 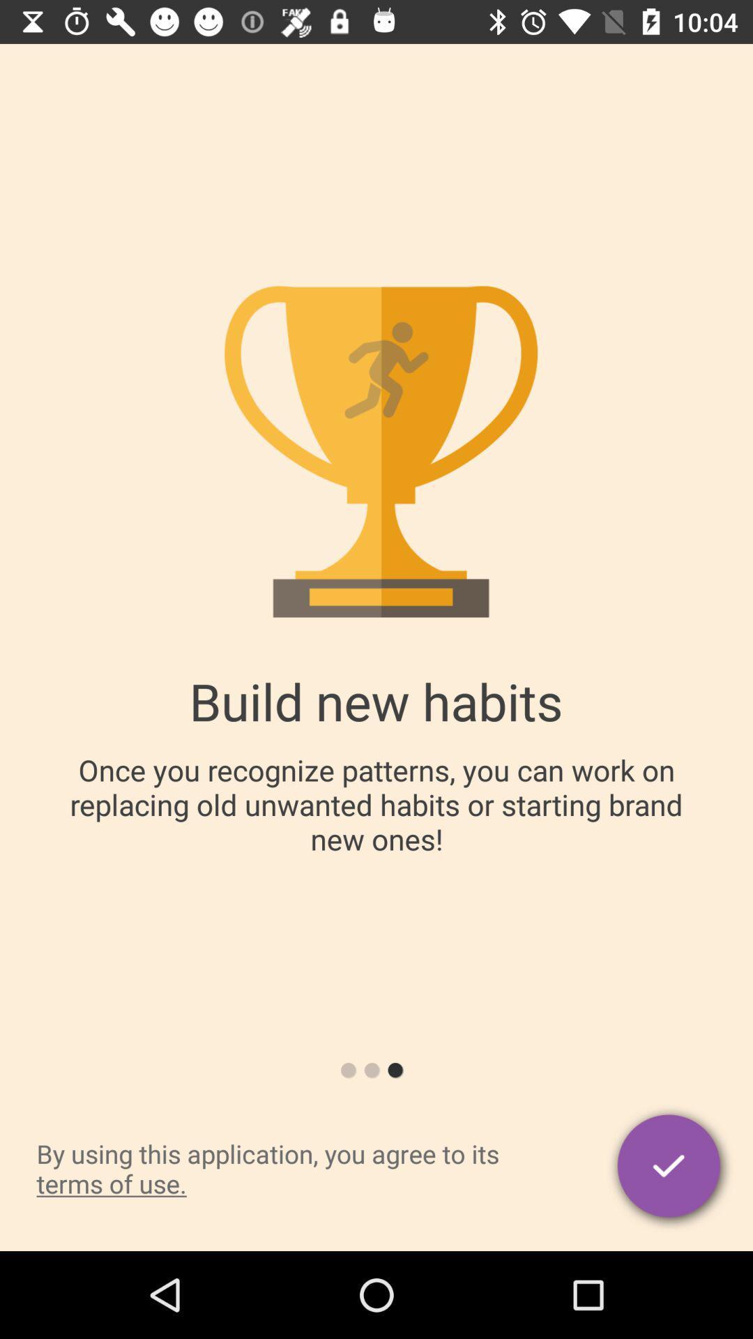 What do you see at coordinates (669, 1168) in the screenshot?
I see `the item to the right of by using this` at bounding box center [669, 1168].